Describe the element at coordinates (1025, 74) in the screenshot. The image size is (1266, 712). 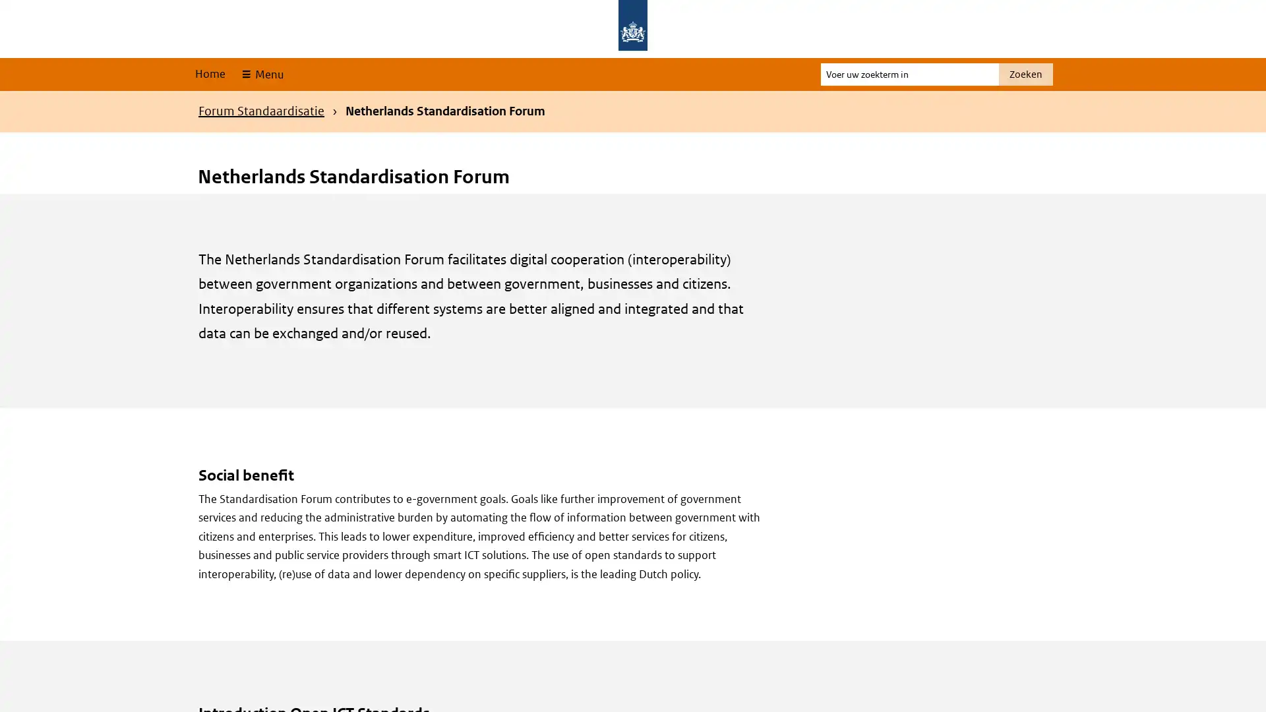
I see `Zoeken` at that location.